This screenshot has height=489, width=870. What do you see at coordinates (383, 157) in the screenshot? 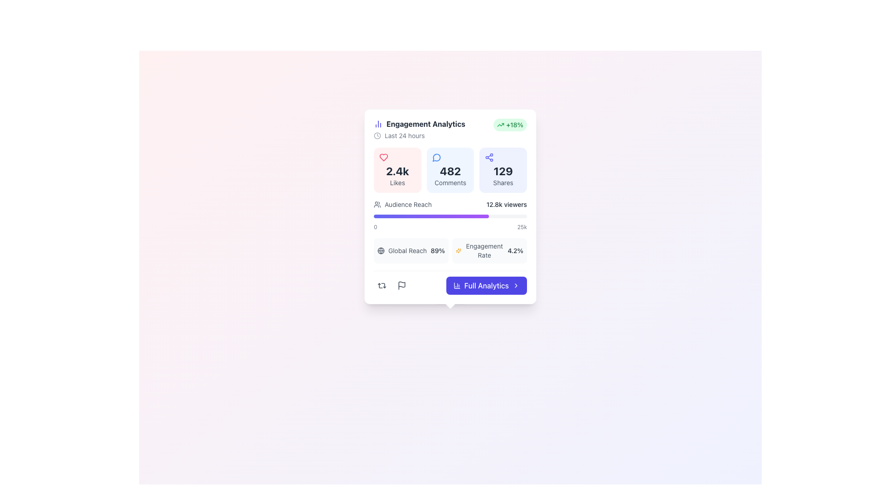
I see `the heart-shaped icon that visually represents the 'Likes' metric, located in the top-left quadrant of the engagement metrics card, just above the 2.4k Likes counter` at bounding box center [383, 157].